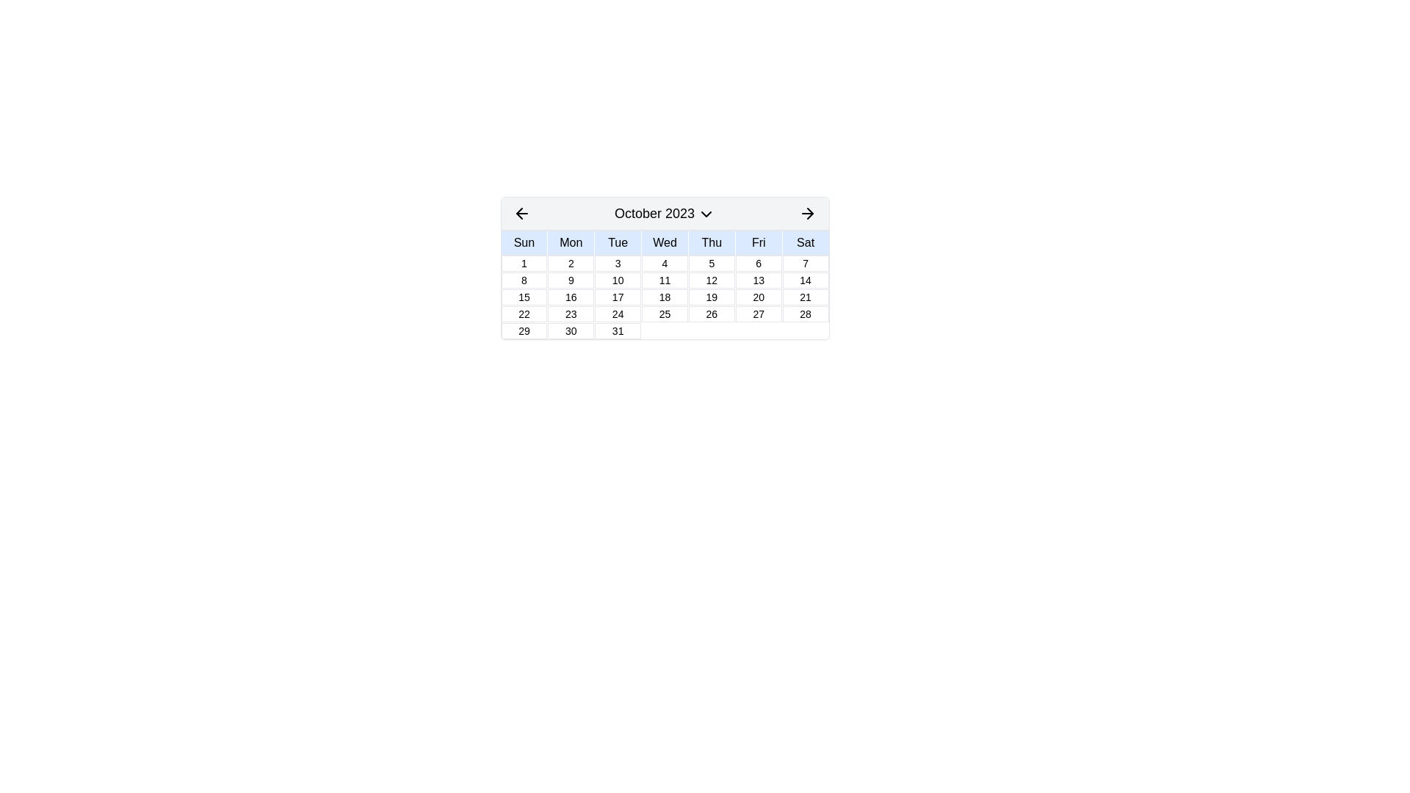 Image resolution: width=1410 pixels, height=793 pixels. Describe the element at coordinates (664, 297) in the screenshot. I see `the Calendar Day Cell representing the date '18'` at that location.